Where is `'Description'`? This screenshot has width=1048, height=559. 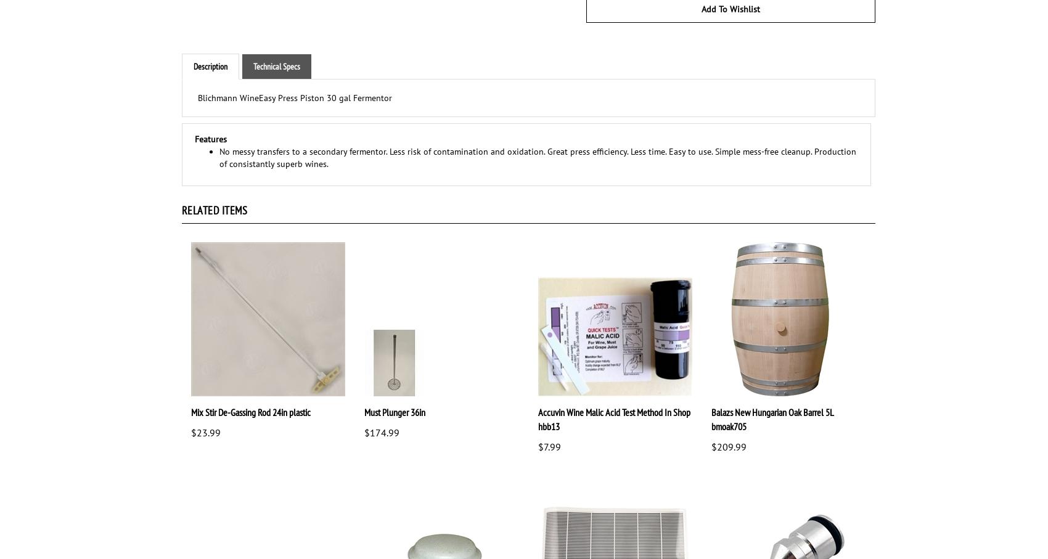
'Description' is located at coordinates (210, 66).